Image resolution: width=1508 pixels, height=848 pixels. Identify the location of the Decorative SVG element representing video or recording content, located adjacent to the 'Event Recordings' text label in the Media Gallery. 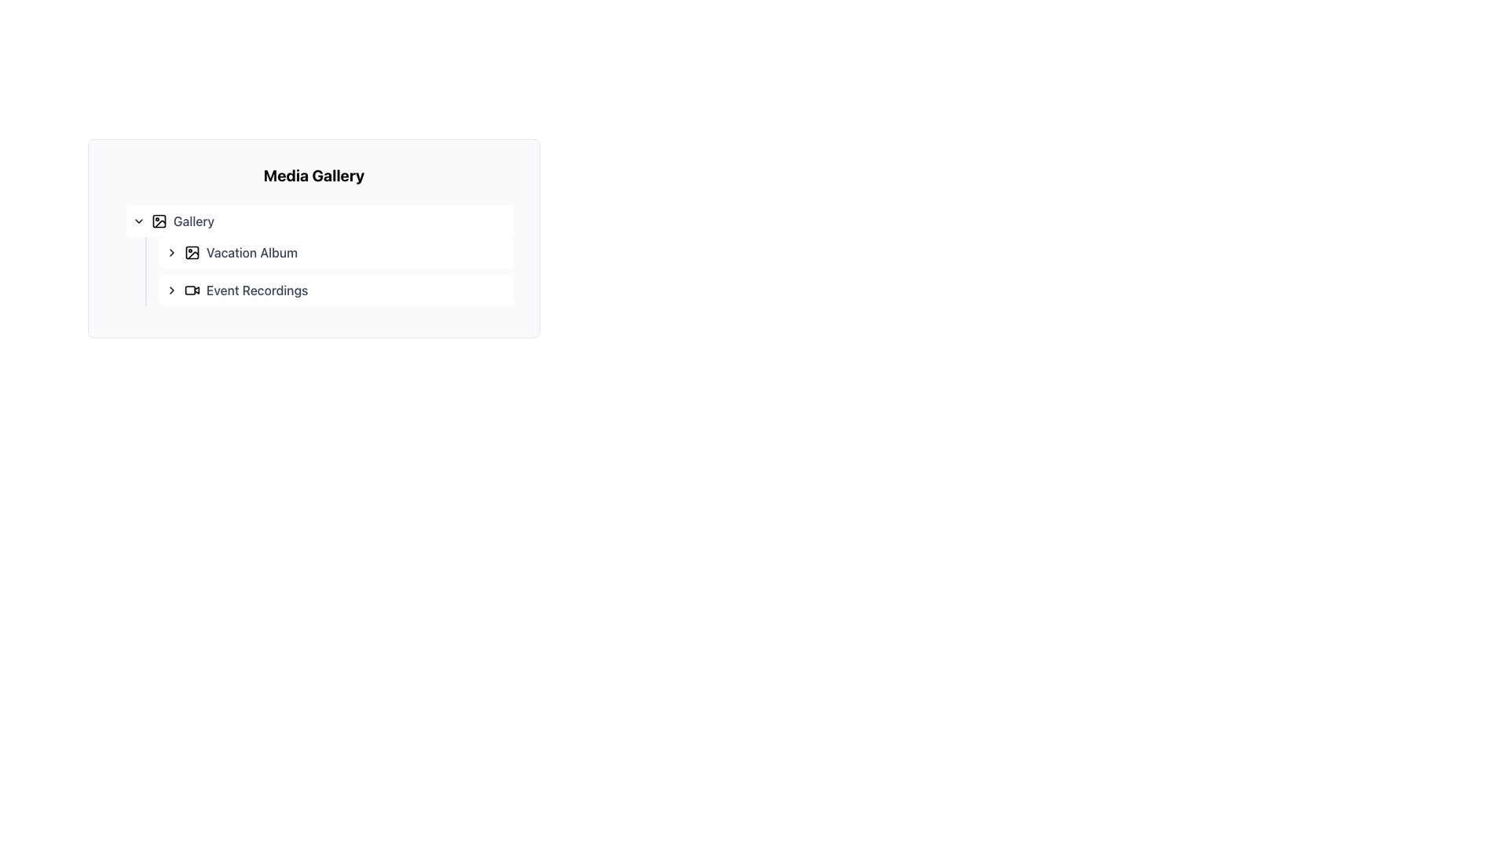
(189, 291).